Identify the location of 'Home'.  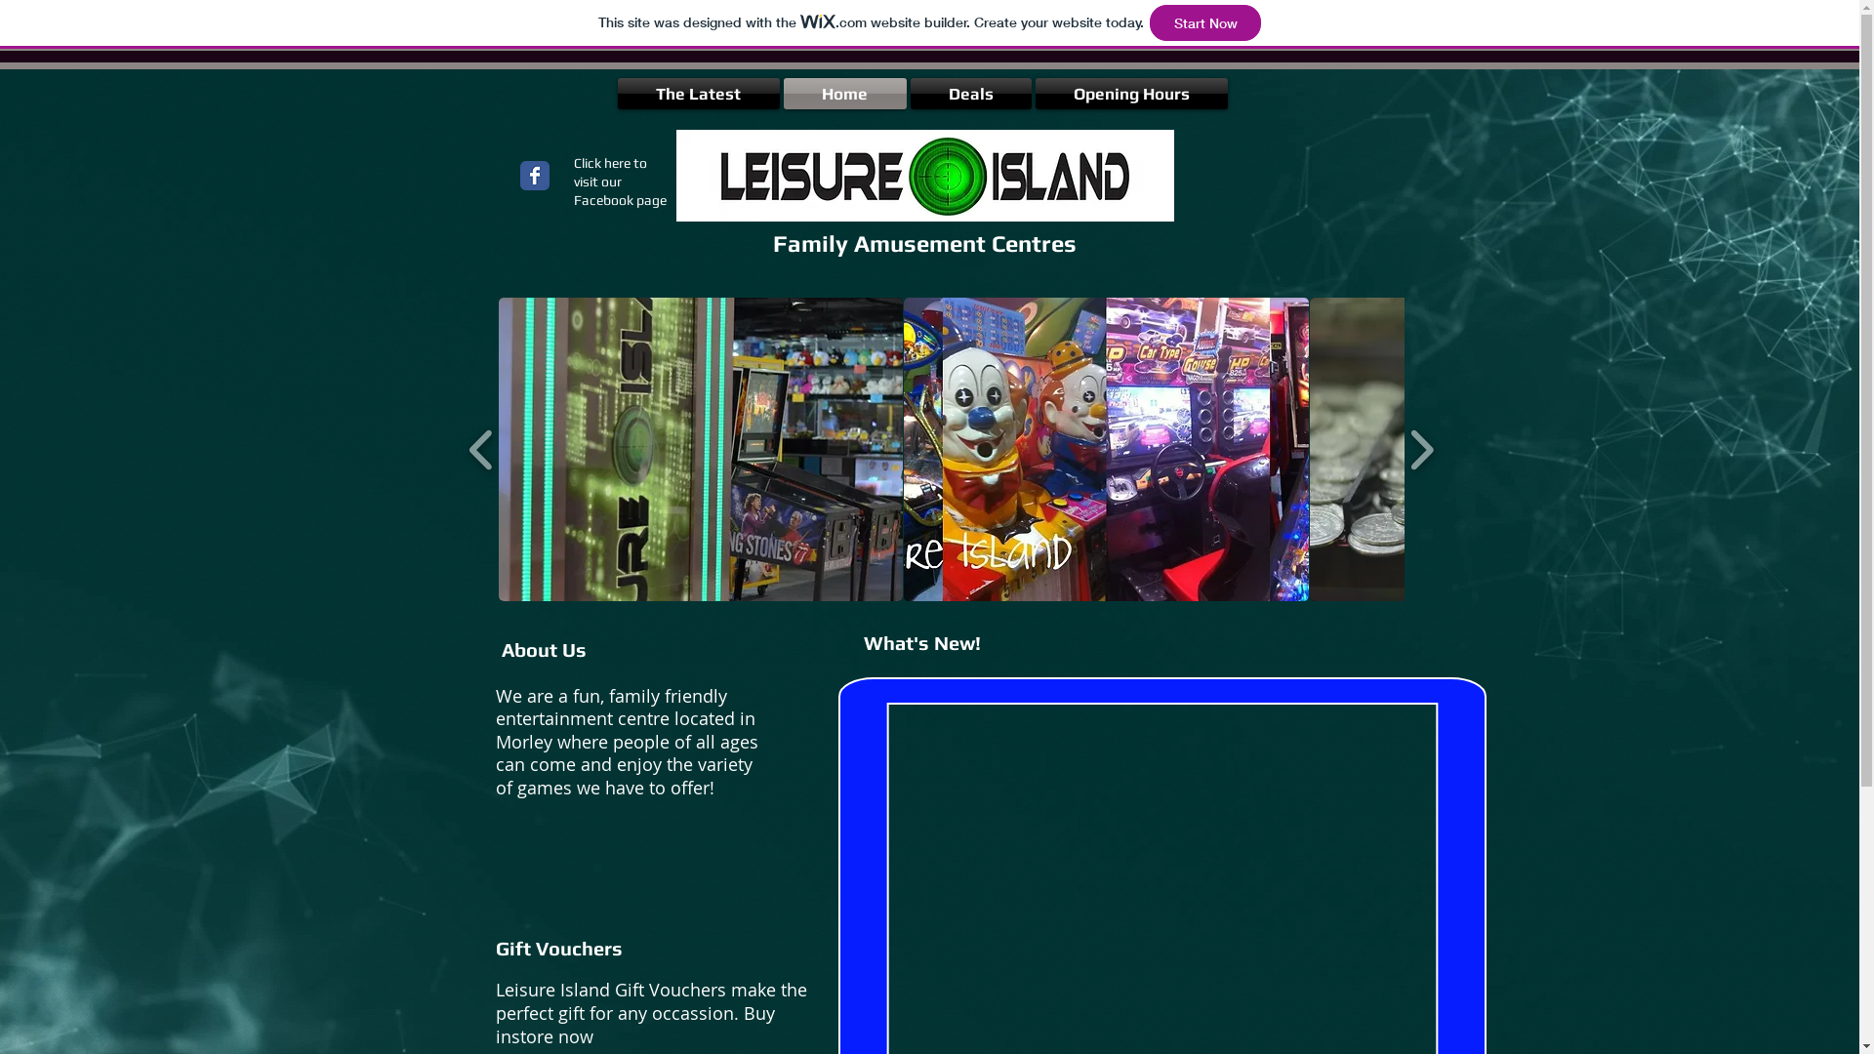
(843, 94).